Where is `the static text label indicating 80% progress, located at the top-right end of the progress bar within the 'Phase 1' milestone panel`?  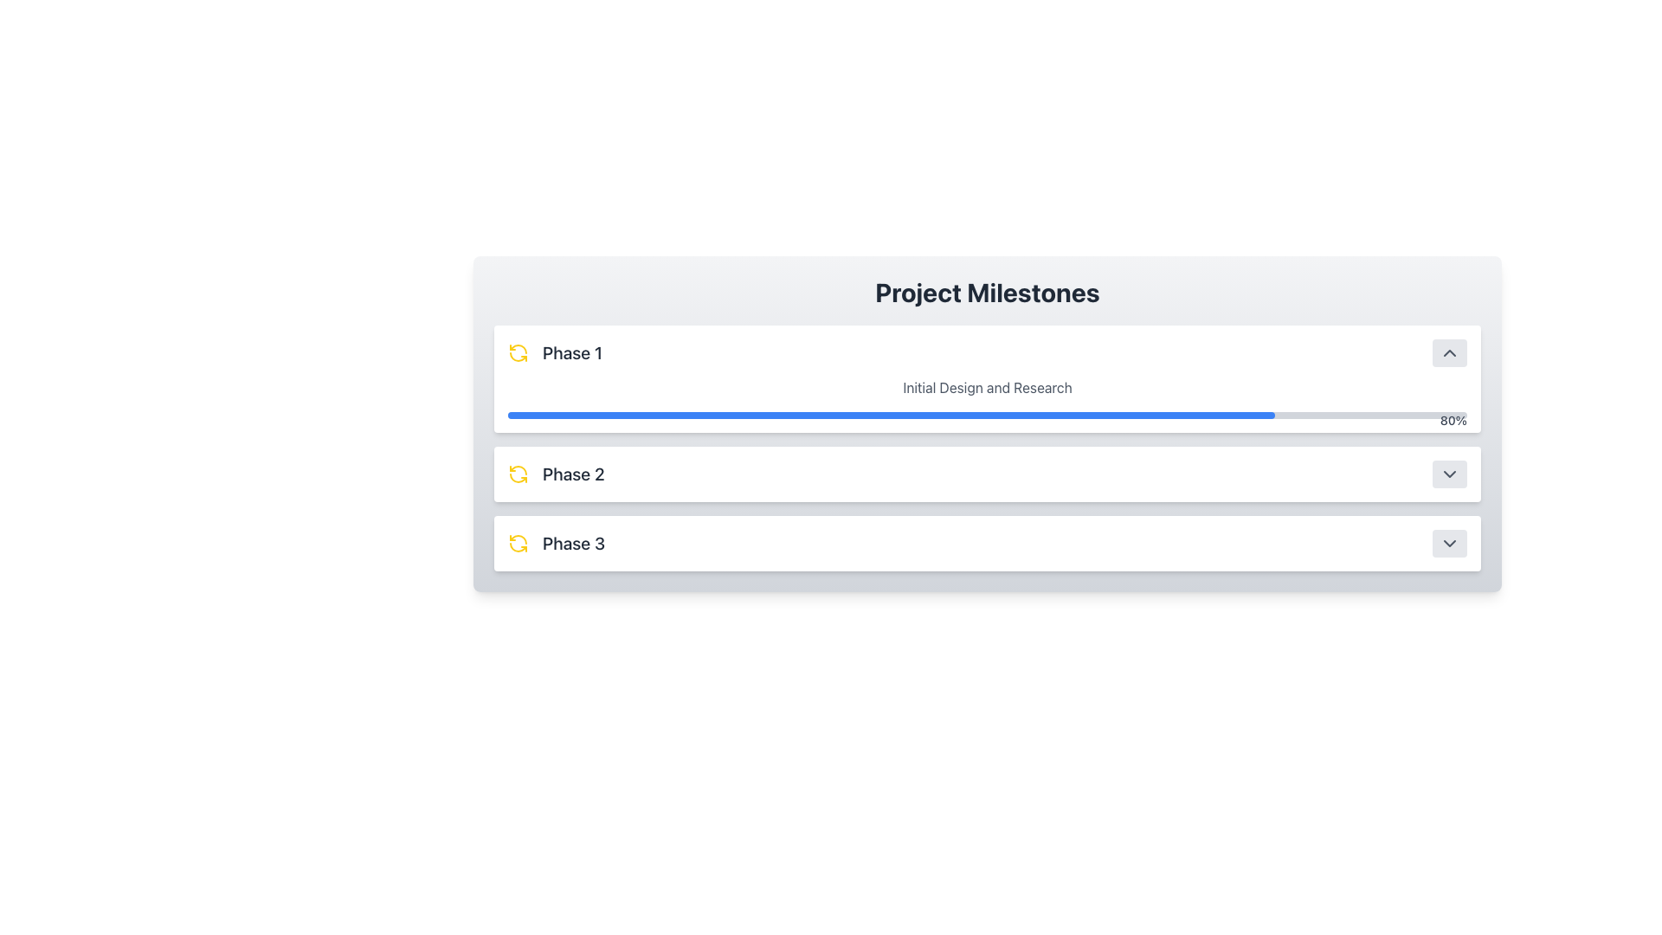
the static text label indicating 80% progress, located at the top-right end of the progress bar within the 'Phase 1' milestone panel is located at coordinates (1453, 421).